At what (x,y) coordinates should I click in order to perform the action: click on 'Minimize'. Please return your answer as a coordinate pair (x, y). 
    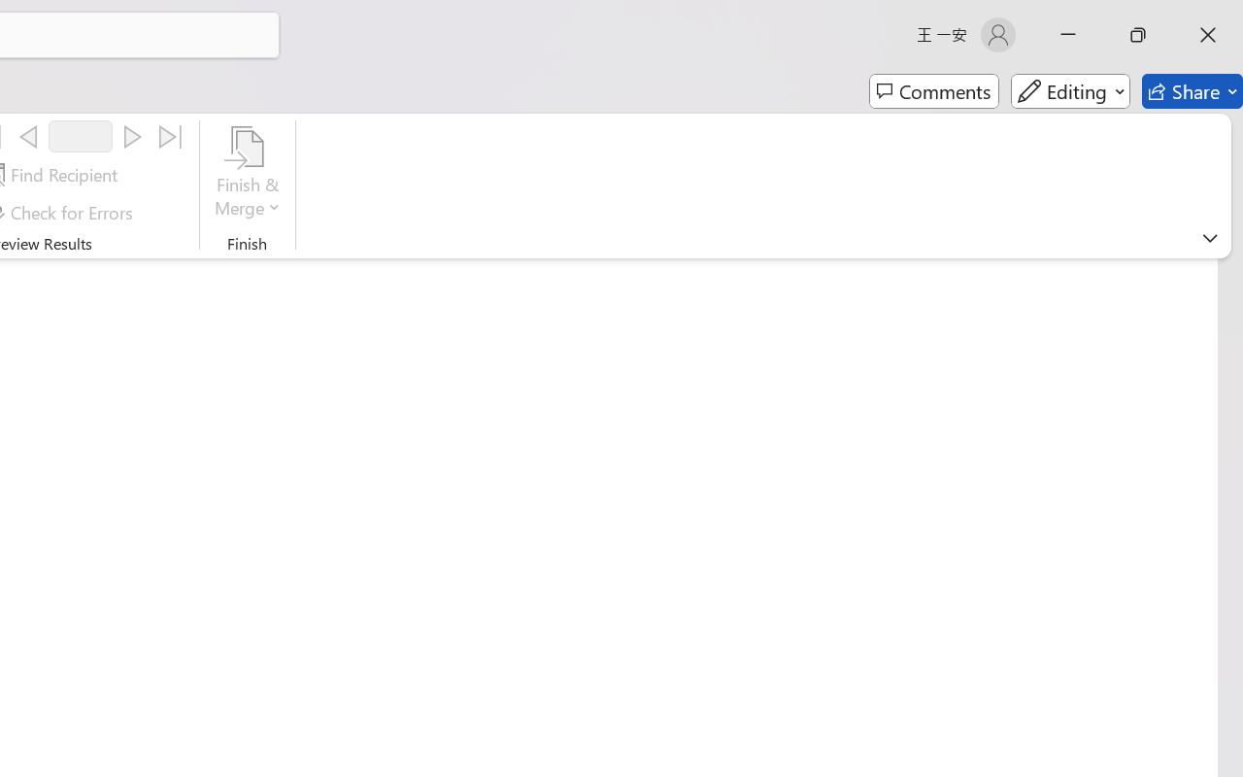
    Looking at the image, I should click on (1067, 34).